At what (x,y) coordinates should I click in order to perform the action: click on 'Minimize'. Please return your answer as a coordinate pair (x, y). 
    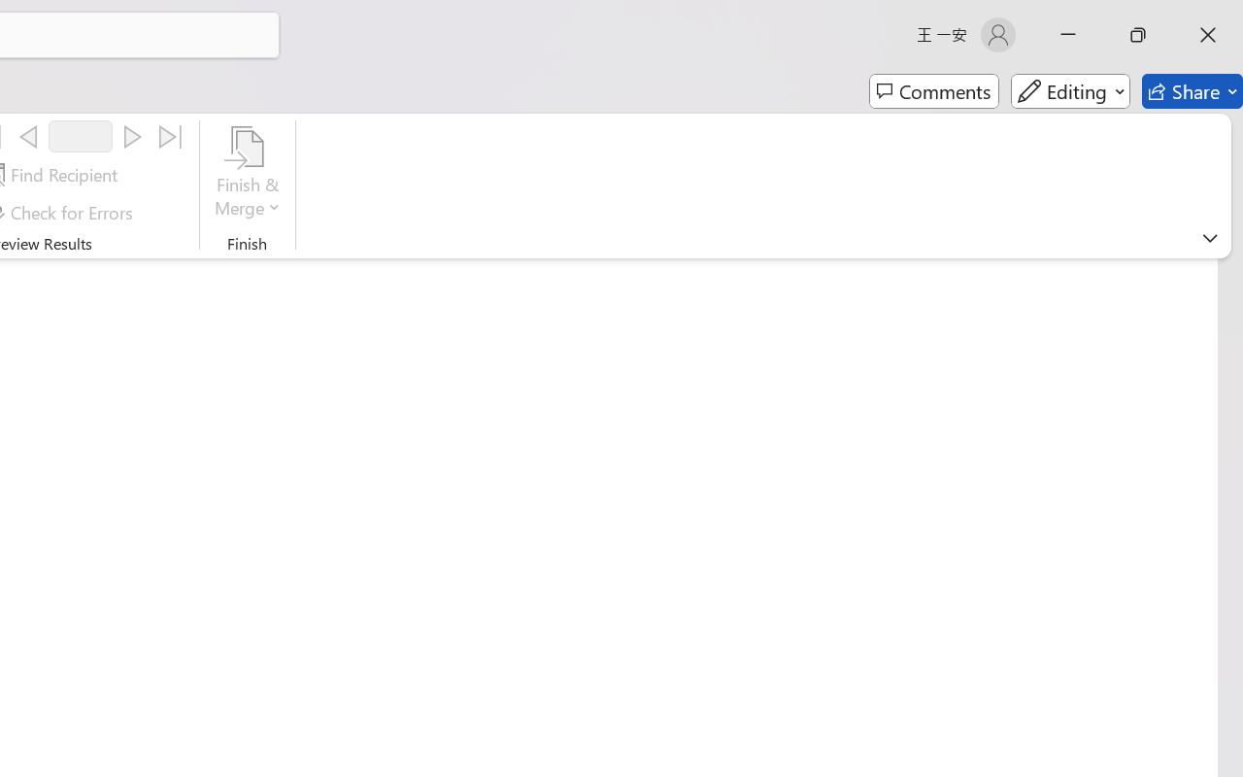
    Looking at the image, I should click on (1067, 34).